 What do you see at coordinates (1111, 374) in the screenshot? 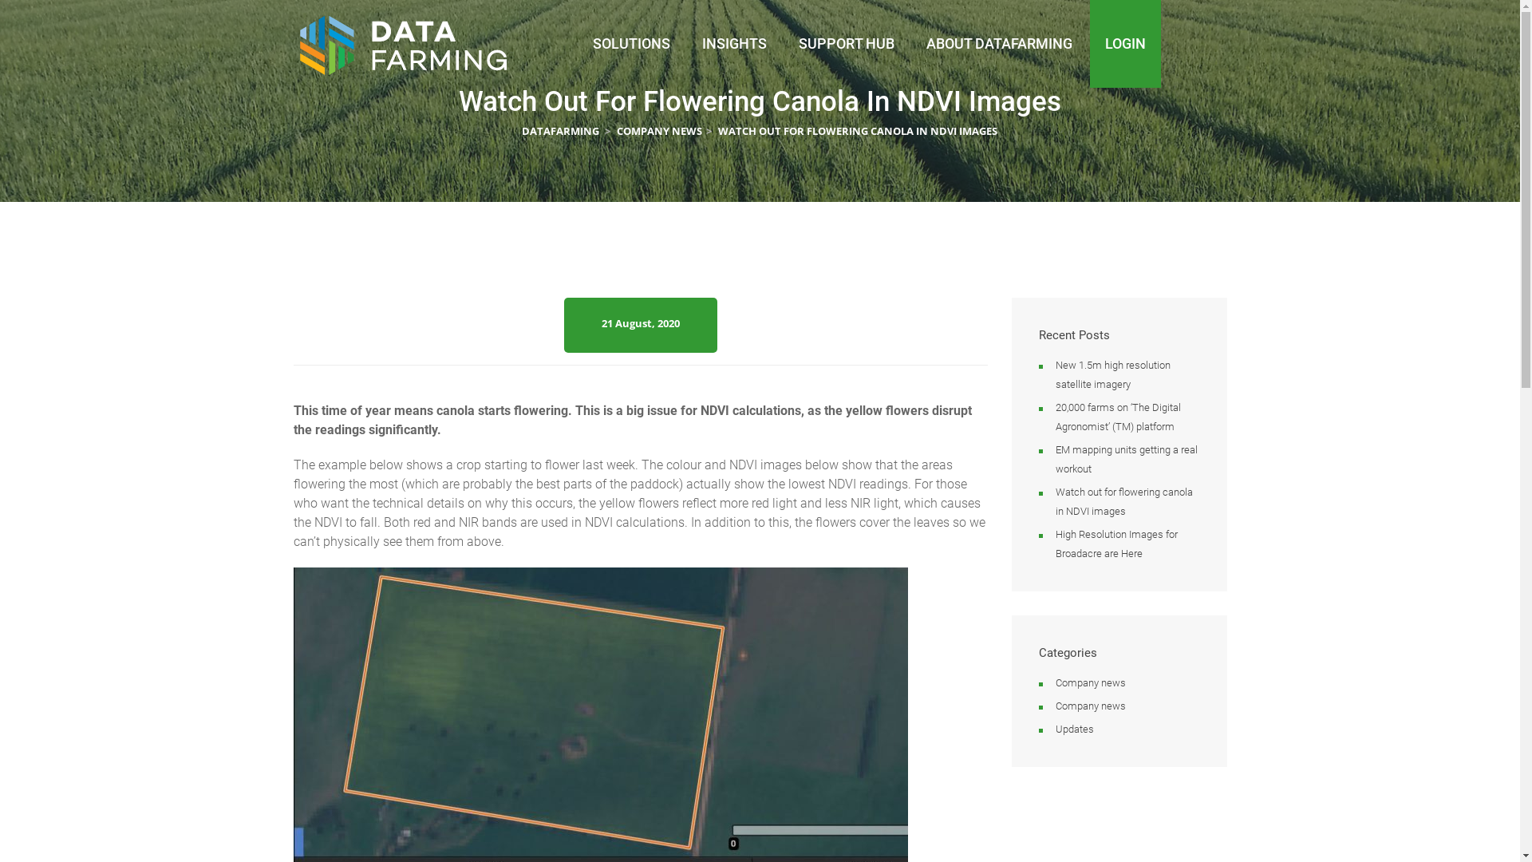
I see `'New 1.5m high resolution satellite imagery'` at bounding box center [1111, 374].